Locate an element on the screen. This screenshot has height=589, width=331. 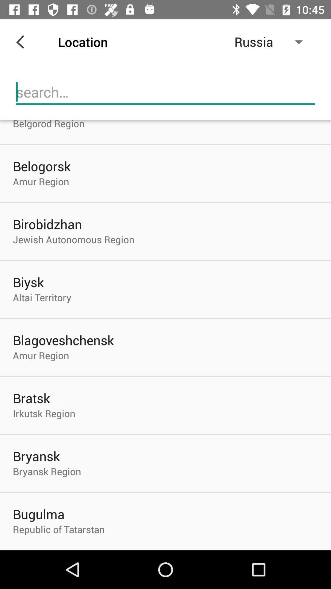
use the search function is located at coordinates (165, 92).